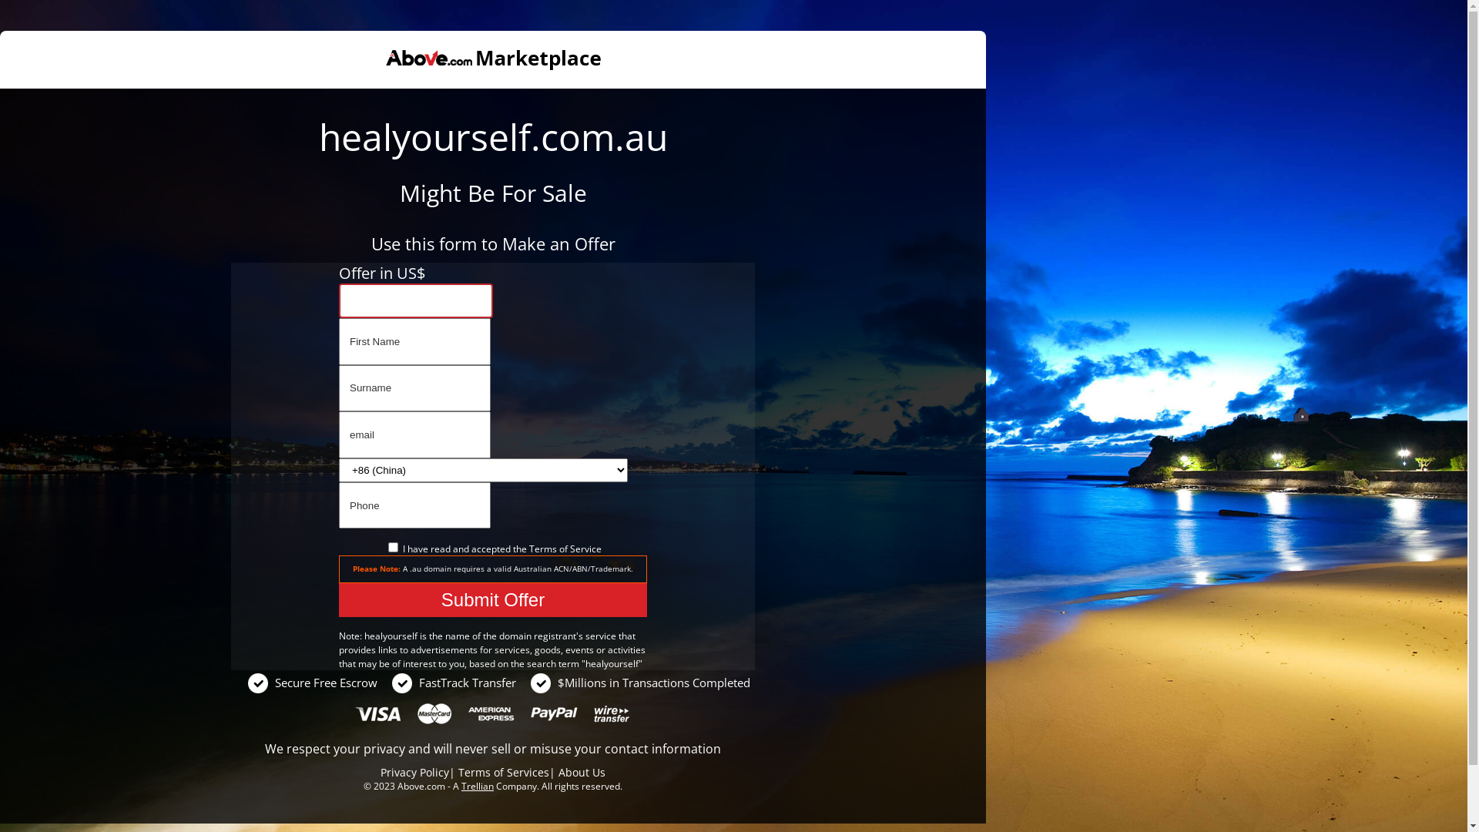  I want to click on 'Privacy Policy', so click(414, 772).